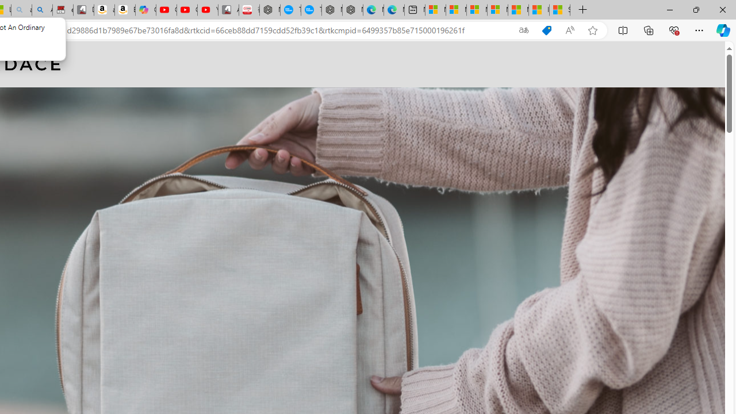 This screenshot has width=736, height=414. What do you see at coordinates (187, 10) in the screenshot?
I see `'Gloom - YouTube'` at bounding box center [187, 10].